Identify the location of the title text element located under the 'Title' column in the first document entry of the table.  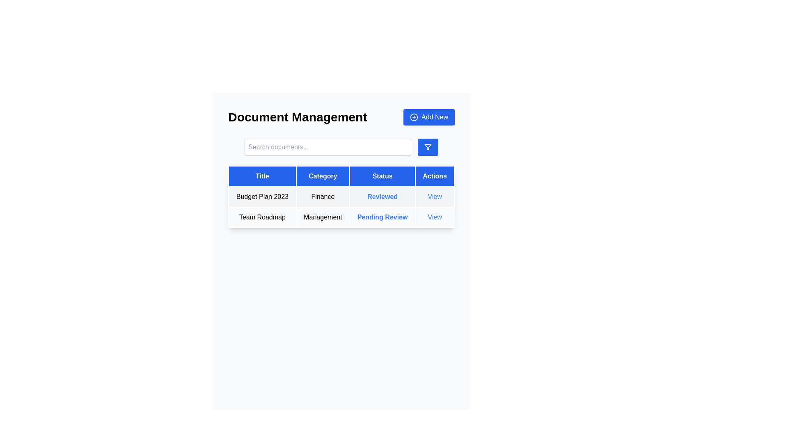
(262, 196).